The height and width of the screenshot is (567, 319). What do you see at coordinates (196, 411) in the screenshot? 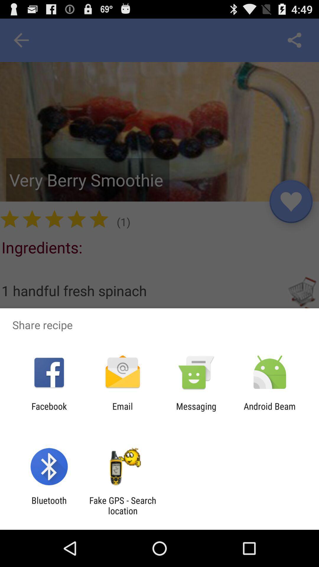
I see `messaging` at bounding box center [196, 411].